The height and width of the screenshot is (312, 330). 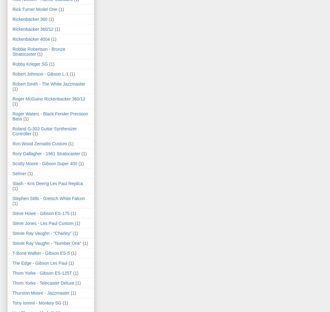 I want to click on 'Rickenbacker 360', so click(x=29, y=19).